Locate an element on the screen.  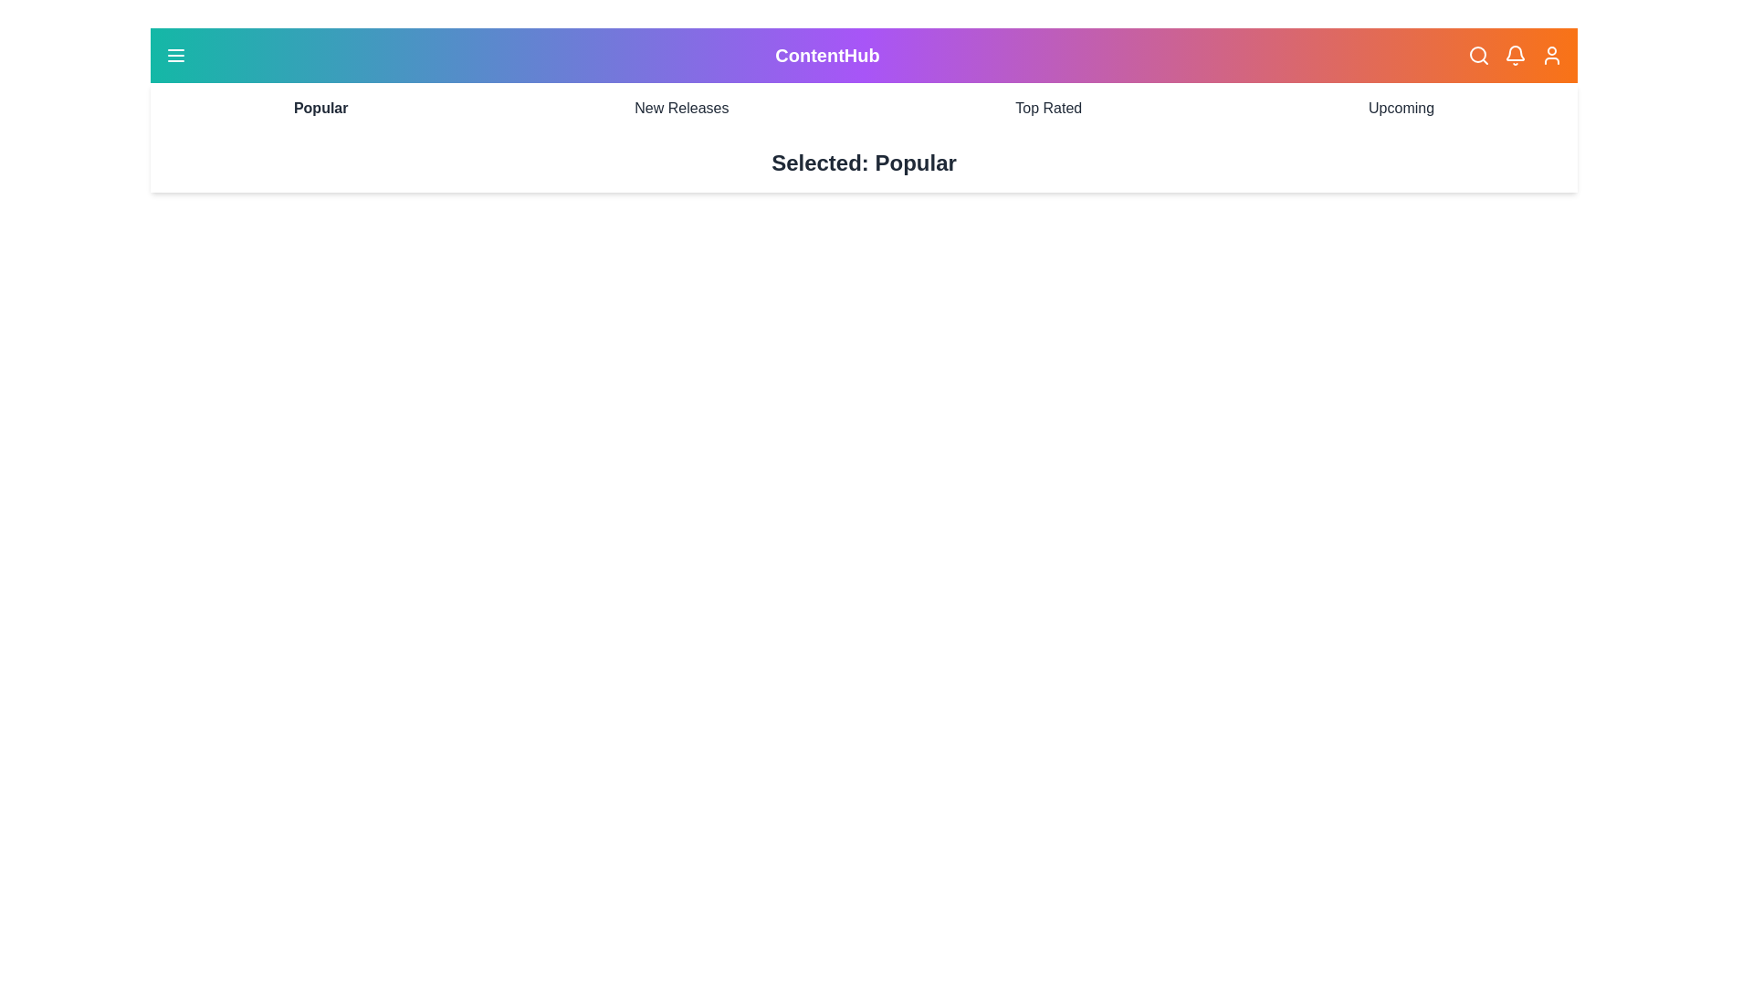
the category New Releases to select it is located at coordinates (680, 109).